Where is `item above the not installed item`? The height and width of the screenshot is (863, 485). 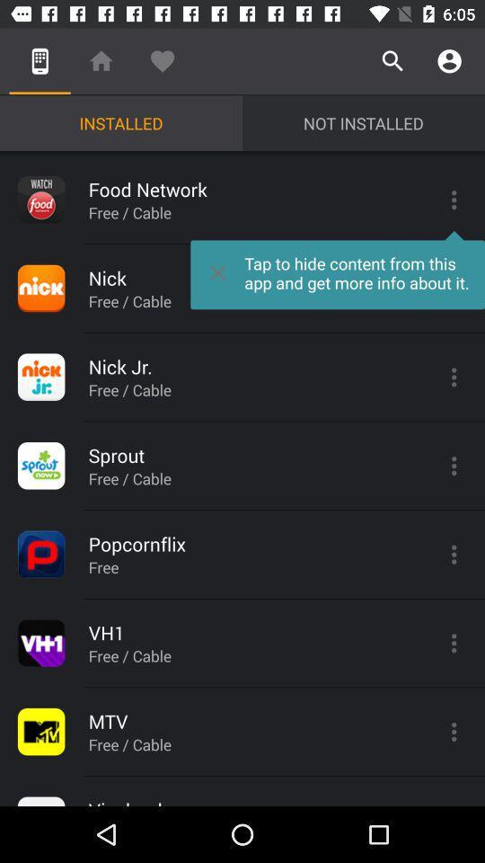
item above the not installed item is located at coordinates (392, 61).